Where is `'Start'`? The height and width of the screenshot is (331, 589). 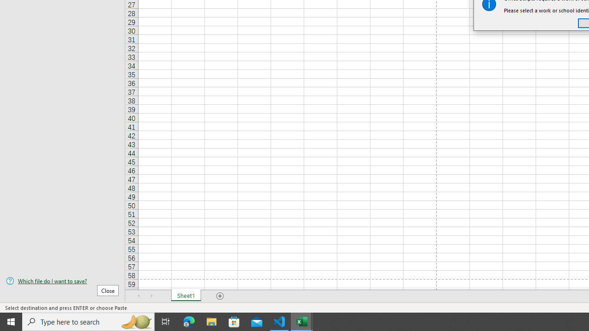
'Start' is located at coordinates (11, 321).